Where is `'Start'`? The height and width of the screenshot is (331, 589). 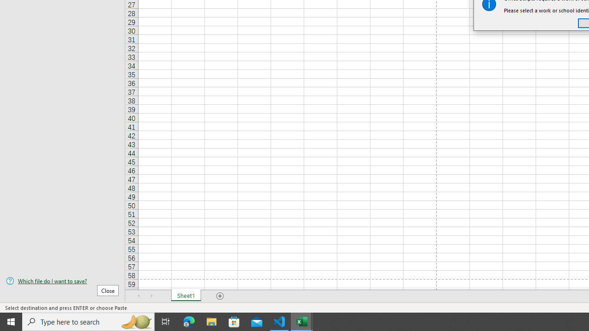
'Start' is located at coordinates (11, 321).